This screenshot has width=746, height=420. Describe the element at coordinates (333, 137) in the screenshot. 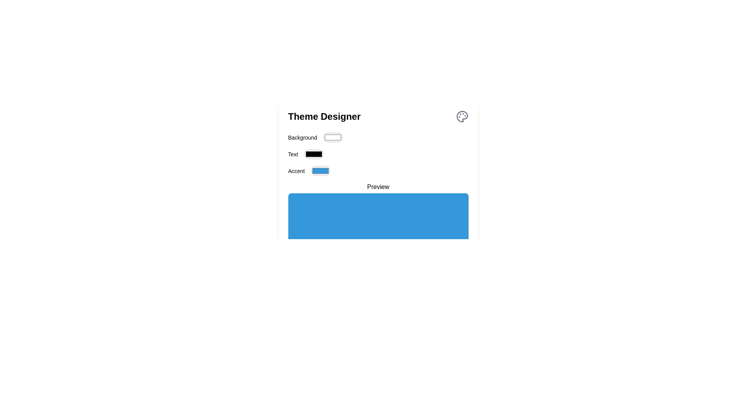

I see `the white circular color picker button located to the right of the 'Background' label` at that location.